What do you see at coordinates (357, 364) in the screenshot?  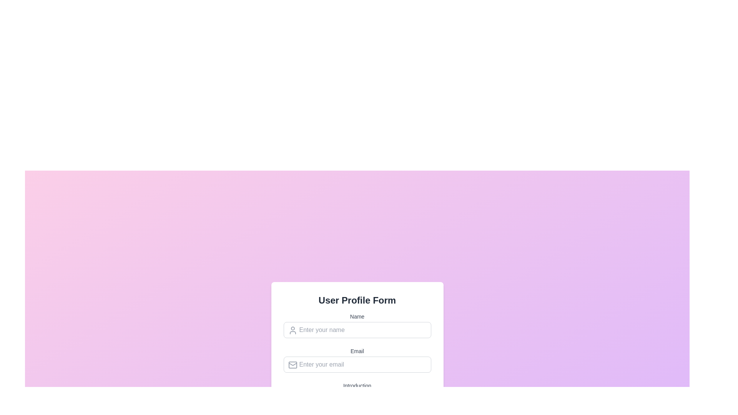 I see `the email input field, which is styled with rounded borders and a light gray outline` at bounding box center [357, 364].